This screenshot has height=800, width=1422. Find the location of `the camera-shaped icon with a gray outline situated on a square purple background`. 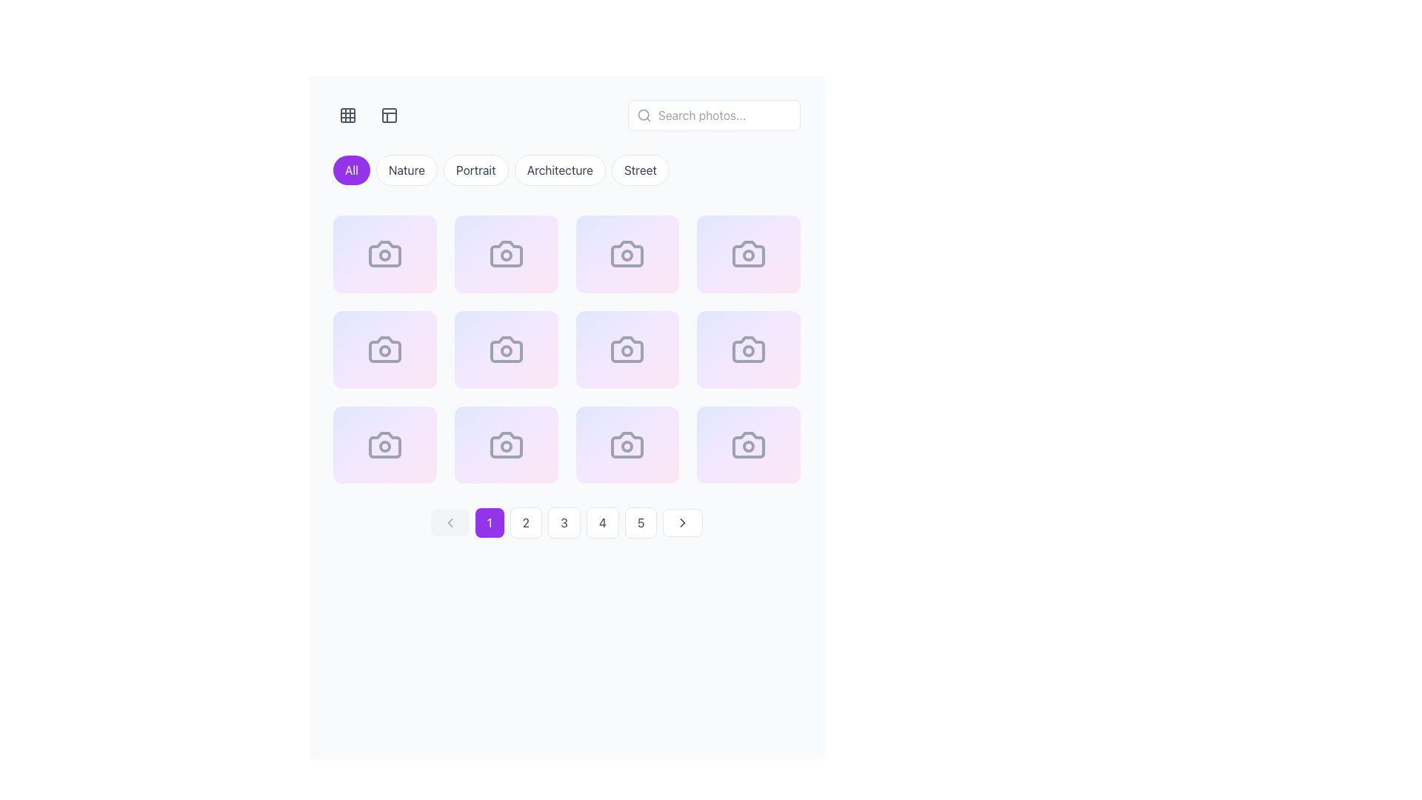

the camera-shaped icon with a gray outline situated on a square purple background is located at coordinates (384, 253).